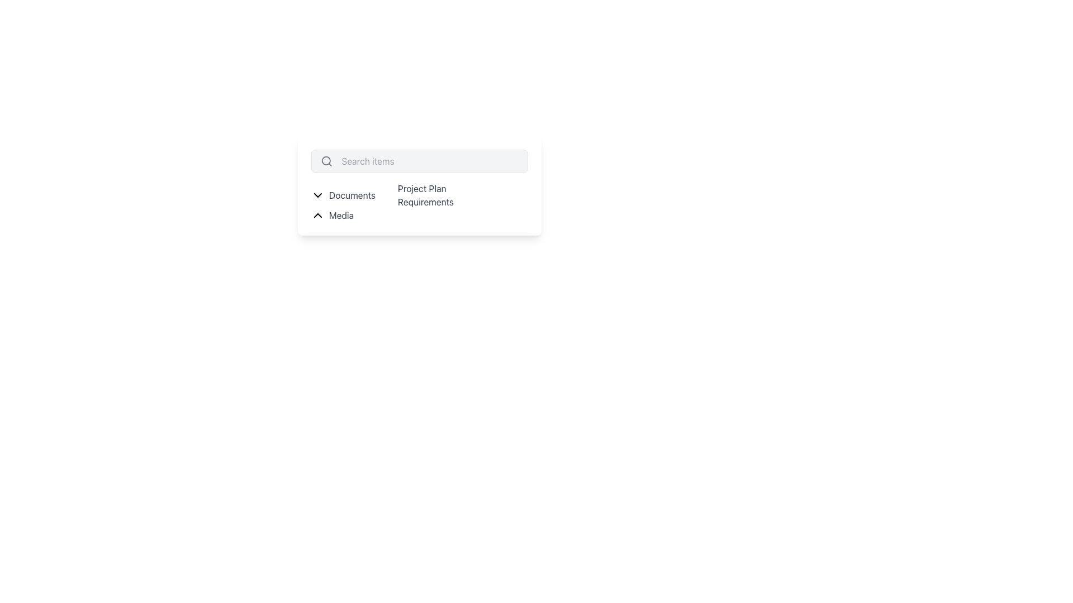 The image size is (1073, 603). I want to click on the 'Documents' text label, which is styled as a clickable item and is the first text item in its row, so click(352, 195).